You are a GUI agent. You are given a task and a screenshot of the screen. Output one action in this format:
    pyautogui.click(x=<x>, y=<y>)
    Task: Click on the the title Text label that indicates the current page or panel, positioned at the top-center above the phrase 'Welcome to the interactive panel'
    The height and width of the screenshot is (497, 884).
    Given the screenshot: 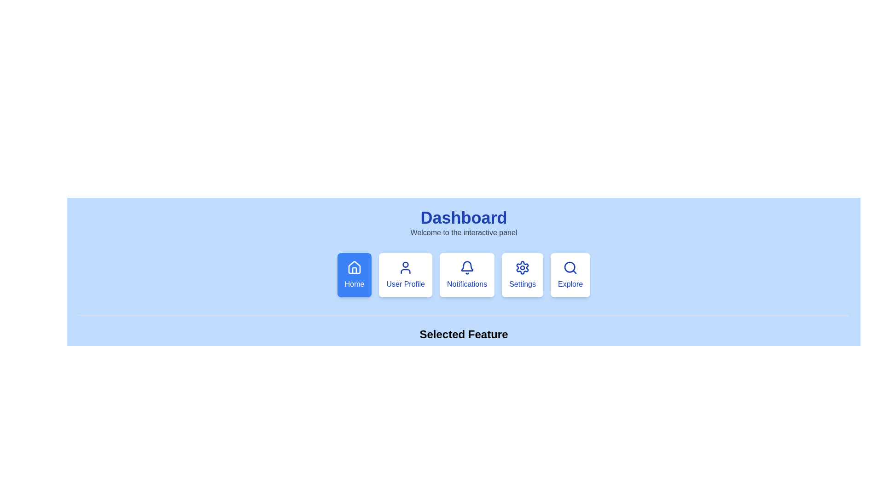 What is the action you would take?
    pyautogui.click(x=464, y=218)
    